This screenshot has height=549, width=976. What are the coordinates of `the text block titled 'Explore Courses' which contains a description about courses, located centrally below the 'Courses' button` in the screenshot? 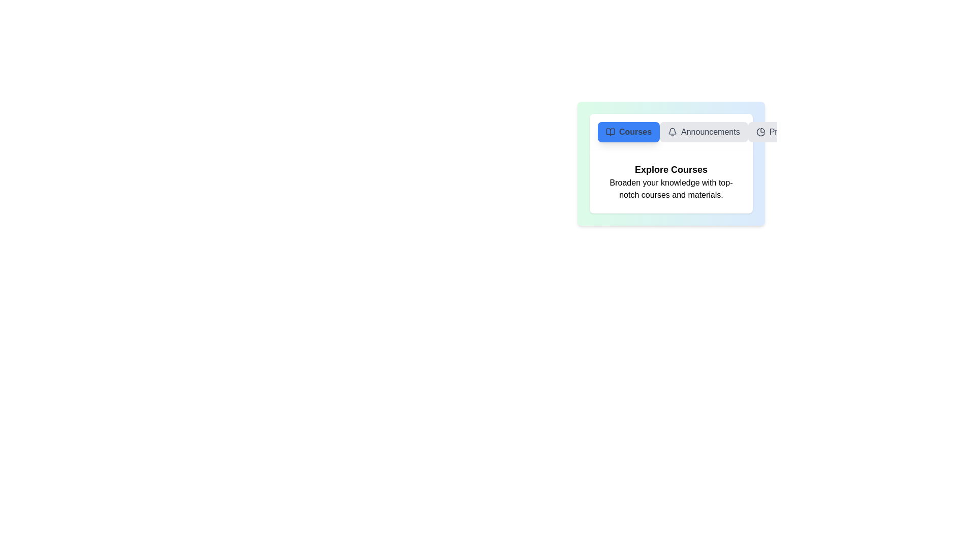 It's located at (671, 181).